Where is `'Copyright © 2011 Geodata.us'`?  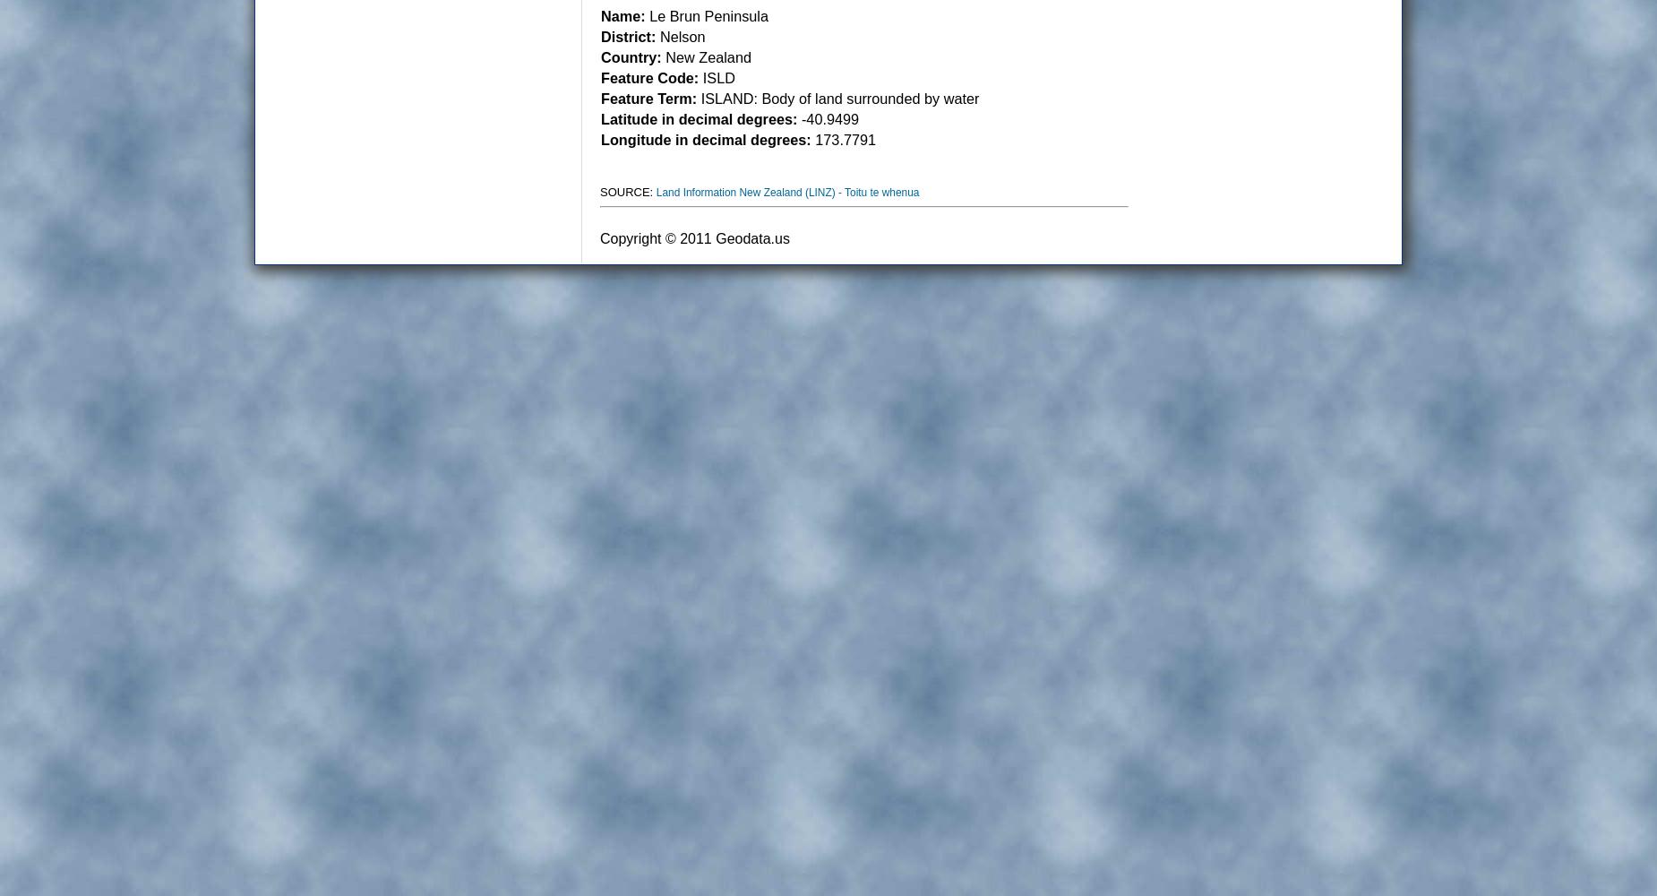 'Copyright © 2011 Geodata.us' is located at coordinates (694, 238).